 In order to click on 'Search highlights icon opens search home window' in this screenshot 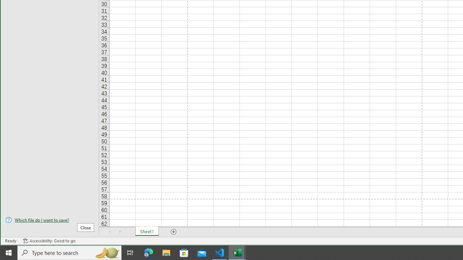, I will do `click(106, 252)`.